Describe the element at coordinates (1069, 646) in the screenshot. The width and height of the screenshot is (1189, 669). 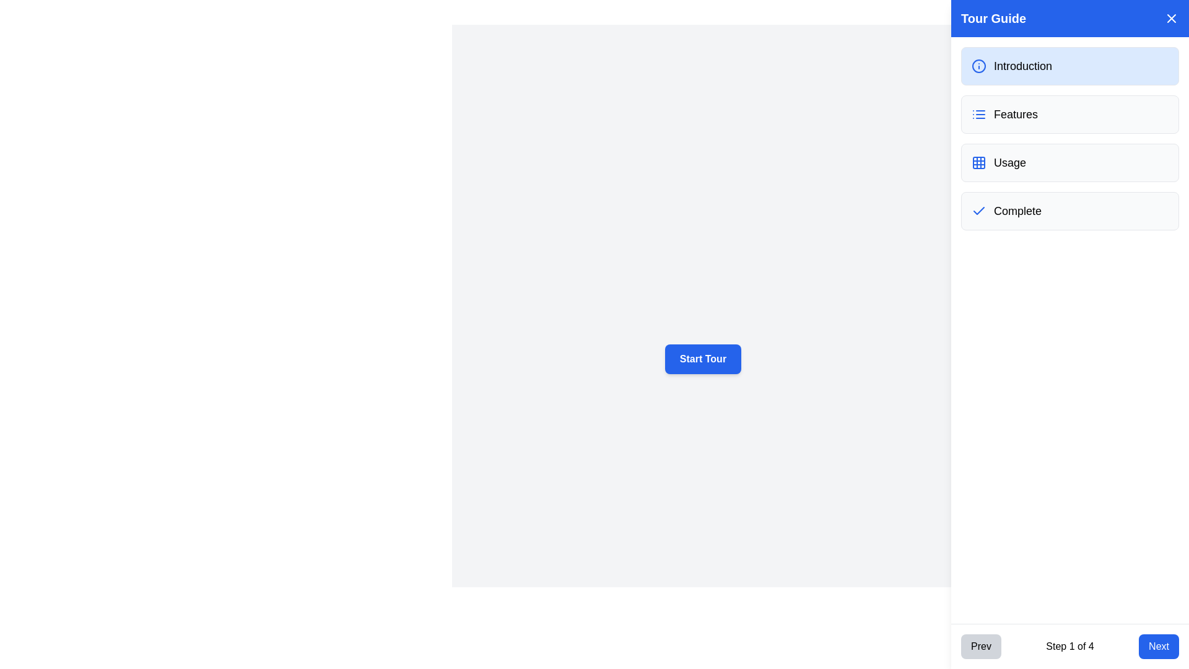
I see `the Text label indicating step progress, which shows that the user is currently on step 1 of a 4-step process` at that location.